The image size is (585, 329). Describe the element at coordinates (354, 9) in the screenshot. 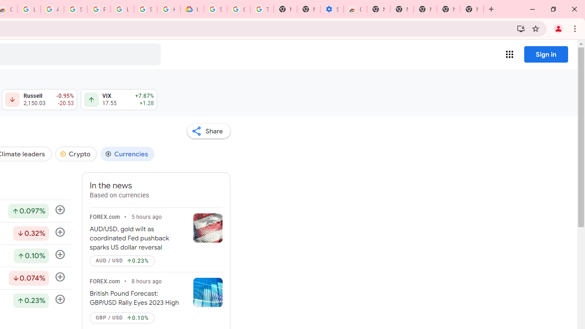

I see `'Chrome Web Store - Accessibility extensions'` at that location.